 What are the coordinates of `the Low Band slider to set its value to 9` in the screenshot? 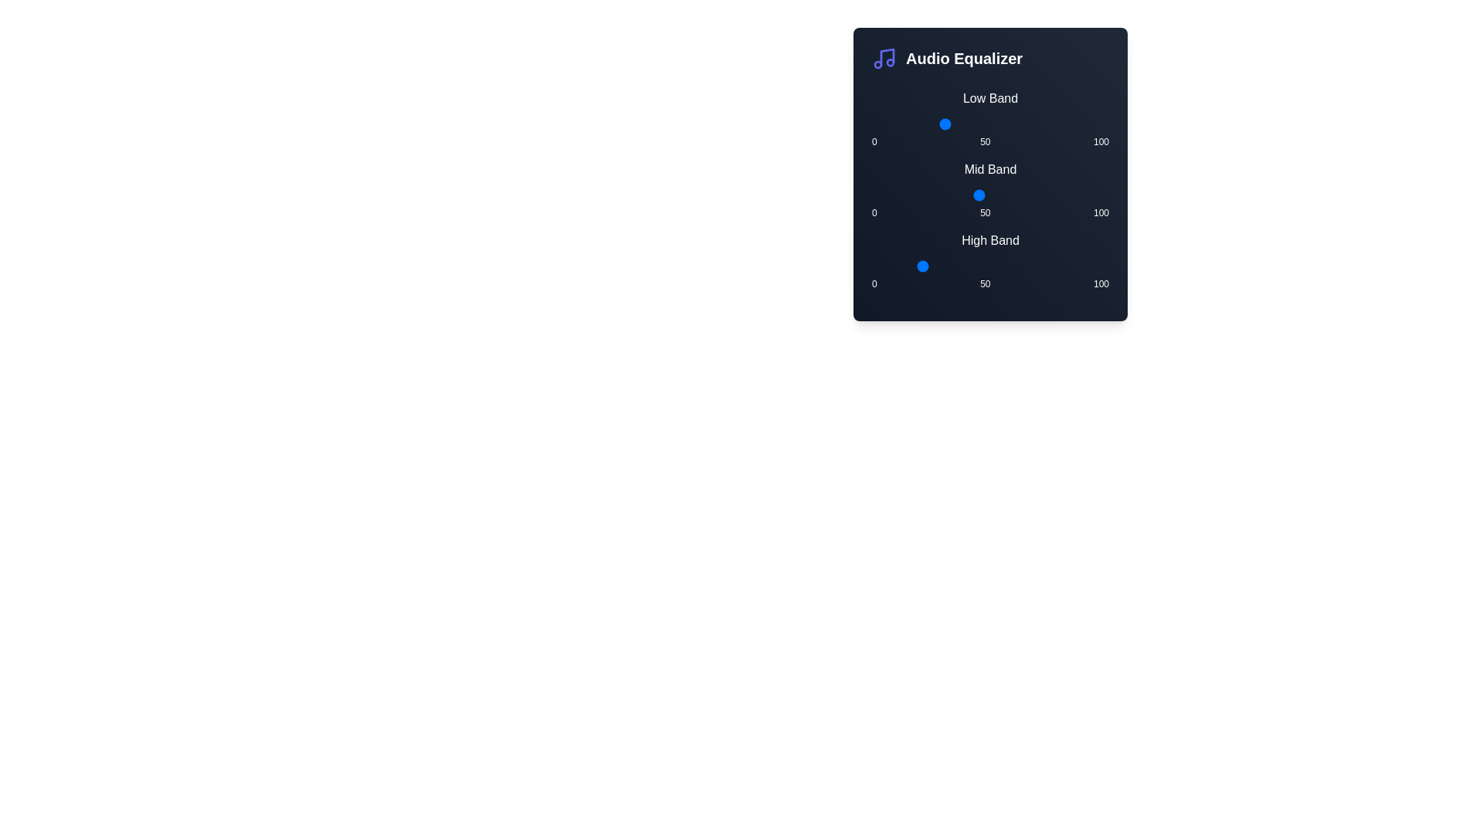 It's located at (893, 124).